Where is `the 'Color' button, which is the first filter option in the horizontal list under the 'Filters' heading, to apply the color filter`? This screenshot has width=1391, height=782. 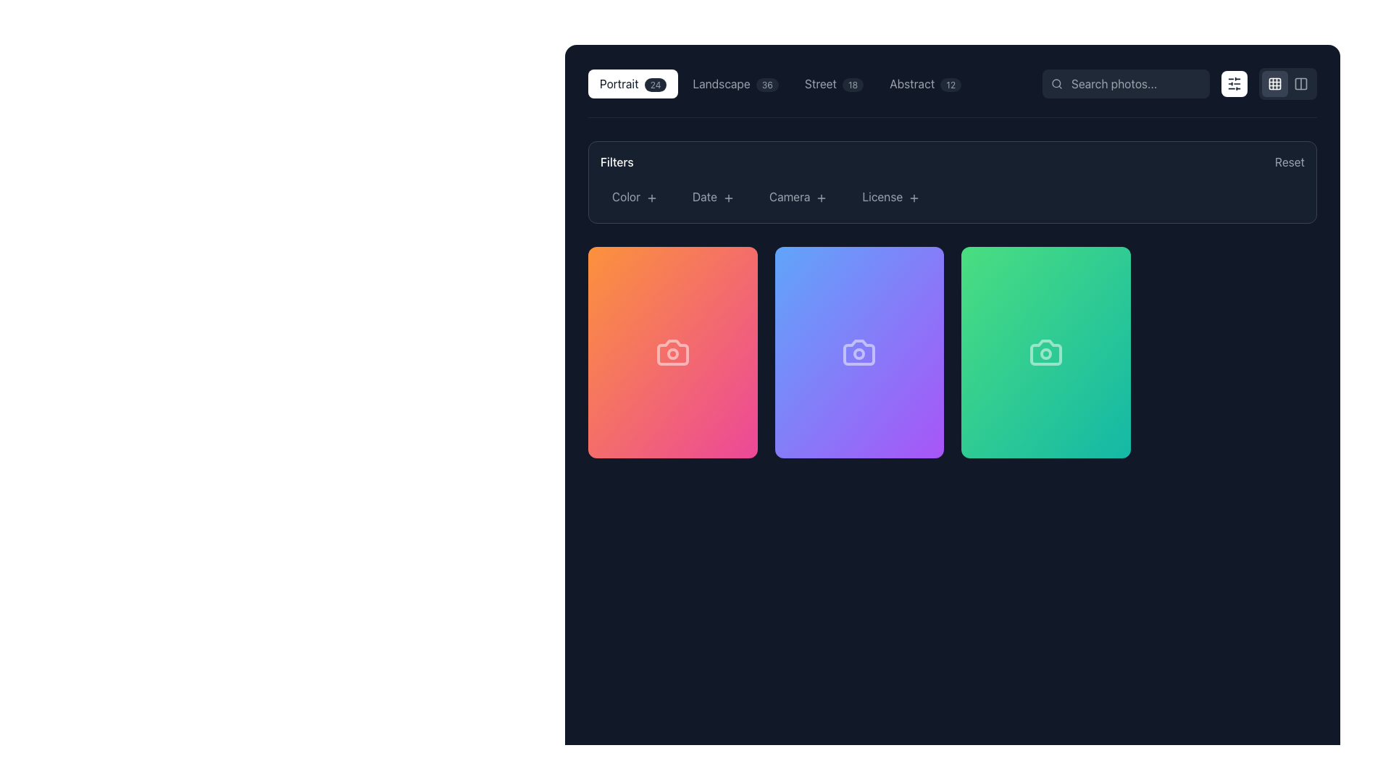
the 'Color' button, which is the first filter option in the horizontal list under the 'Filters' heading, to apply the color filter is located at coordinates (635, 197).